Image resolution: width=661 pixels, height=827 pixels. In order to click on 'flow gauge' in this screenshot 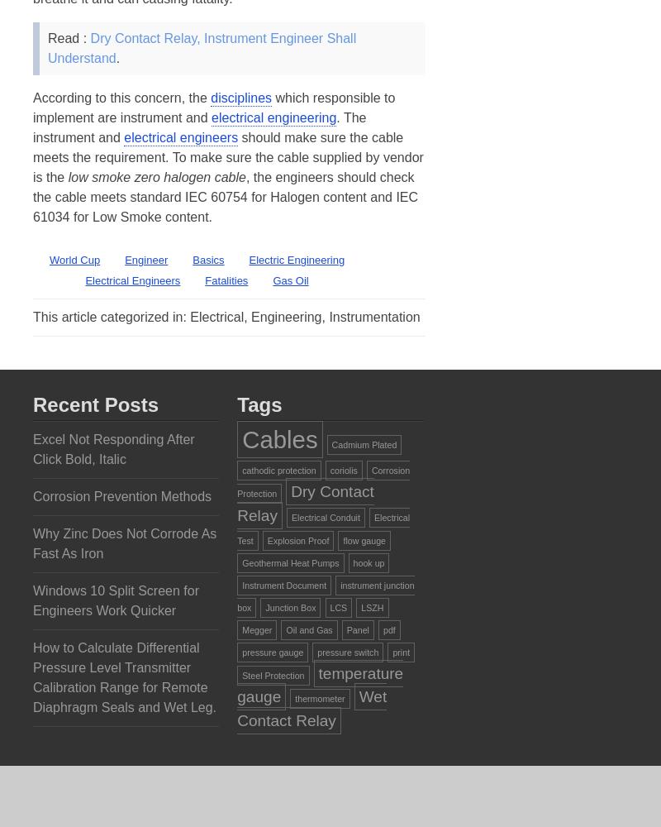, I will do `click(364, 540)`.